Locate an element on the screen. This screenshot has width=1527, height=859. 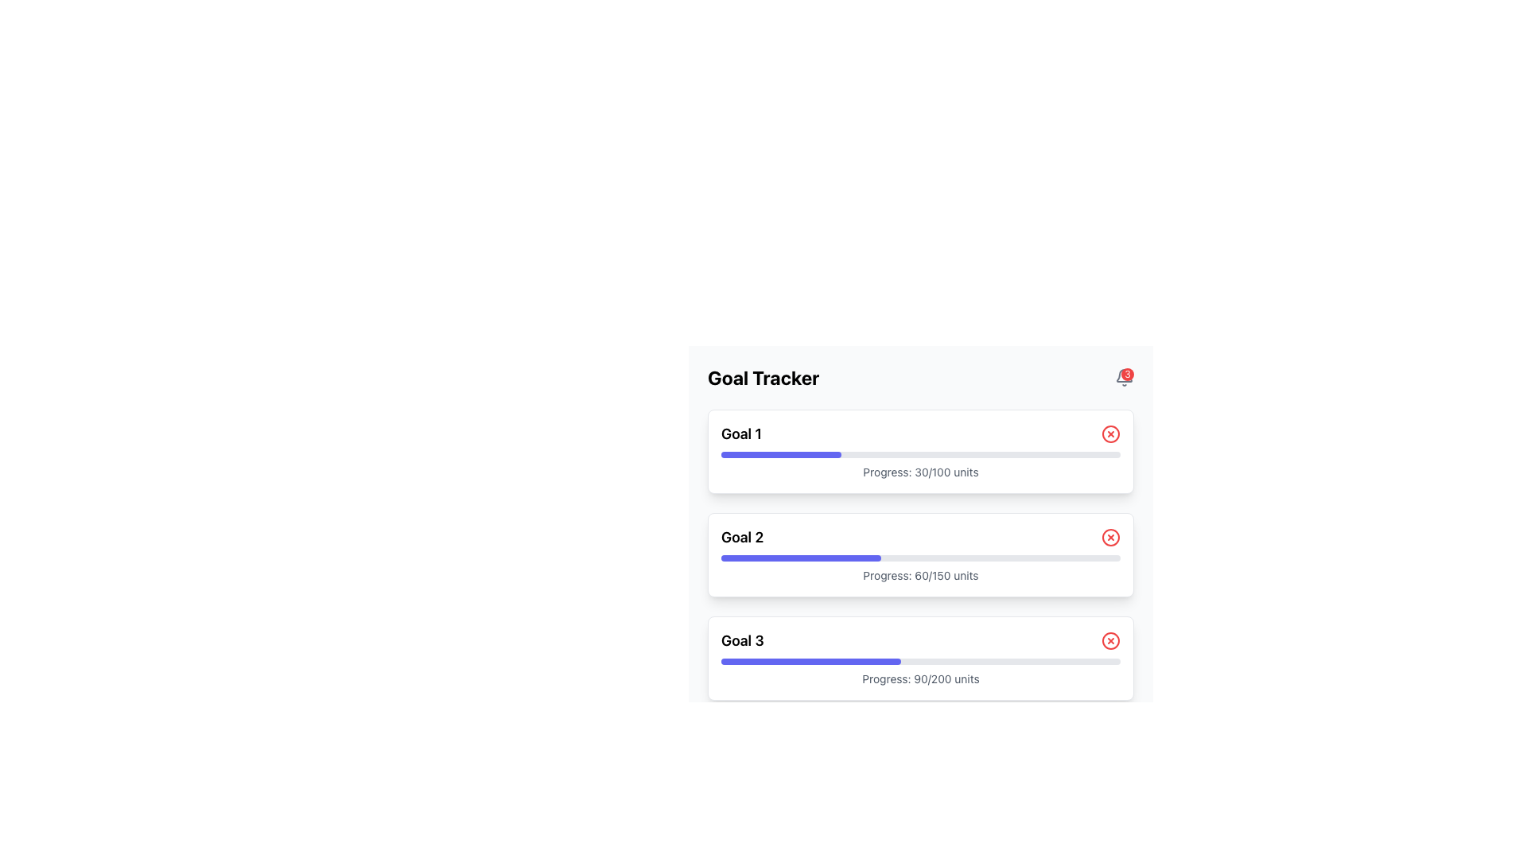
the progress level is located at coordinates (804, 558).